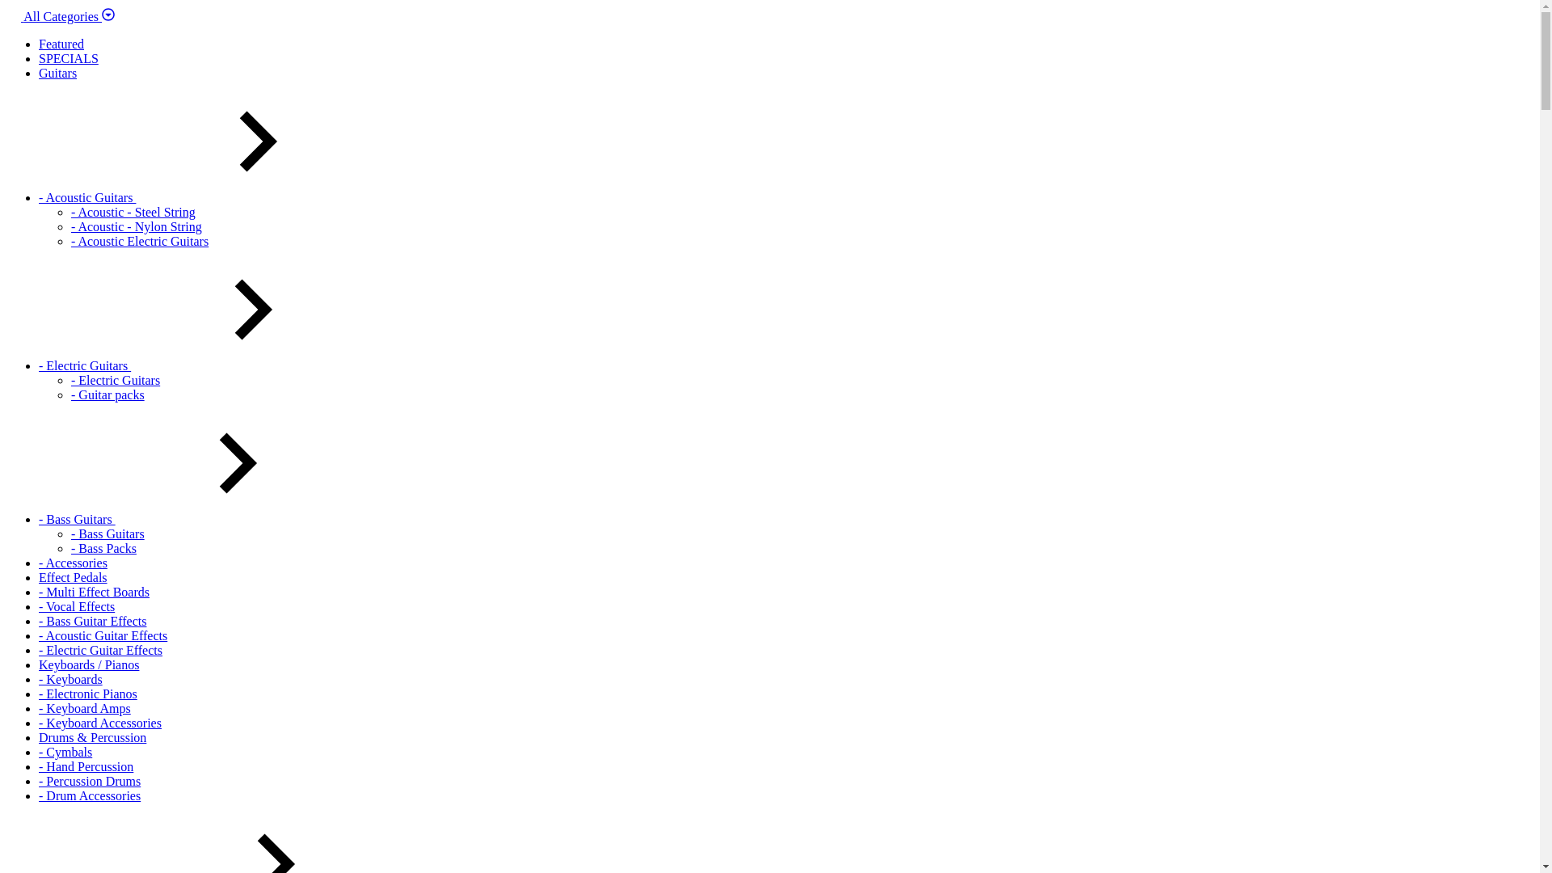  What do you see at coordinates (115, 380) in the screenshot?
I see `'- Electric Guitars'` at bounding box center [115, 380].